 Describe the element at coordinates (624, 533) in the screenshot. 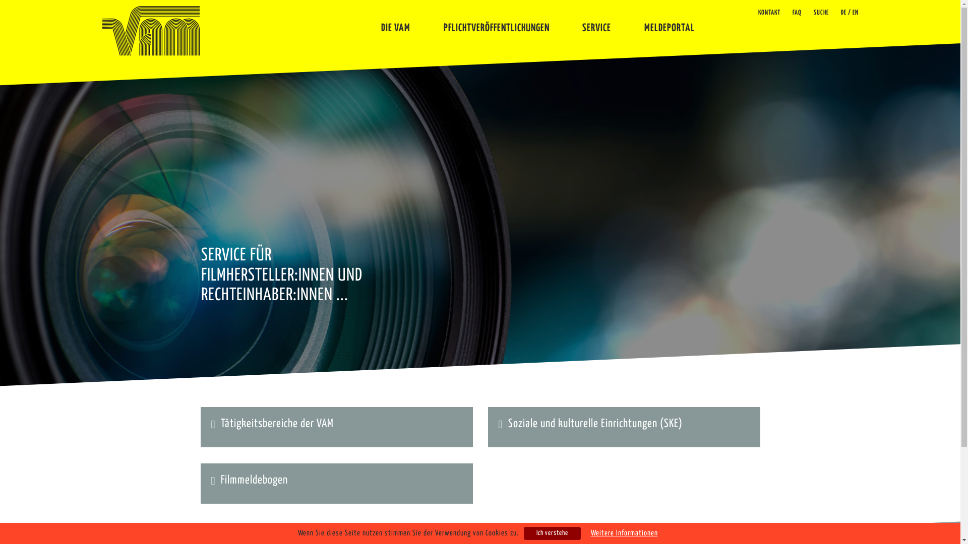

I see `'Weitere Informationen'` at that location.